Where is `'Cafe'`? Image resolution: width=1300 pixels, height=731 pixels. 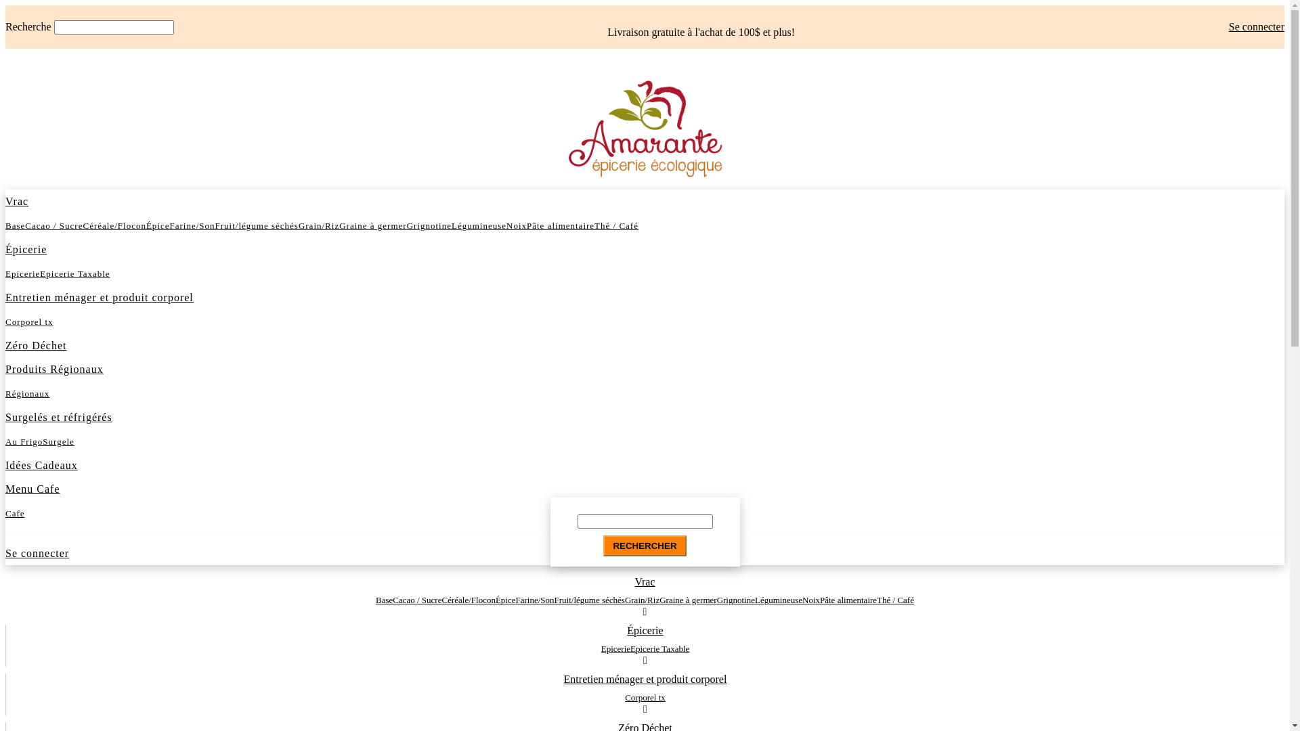 'Cafe' is located at coordinates (15, 513).